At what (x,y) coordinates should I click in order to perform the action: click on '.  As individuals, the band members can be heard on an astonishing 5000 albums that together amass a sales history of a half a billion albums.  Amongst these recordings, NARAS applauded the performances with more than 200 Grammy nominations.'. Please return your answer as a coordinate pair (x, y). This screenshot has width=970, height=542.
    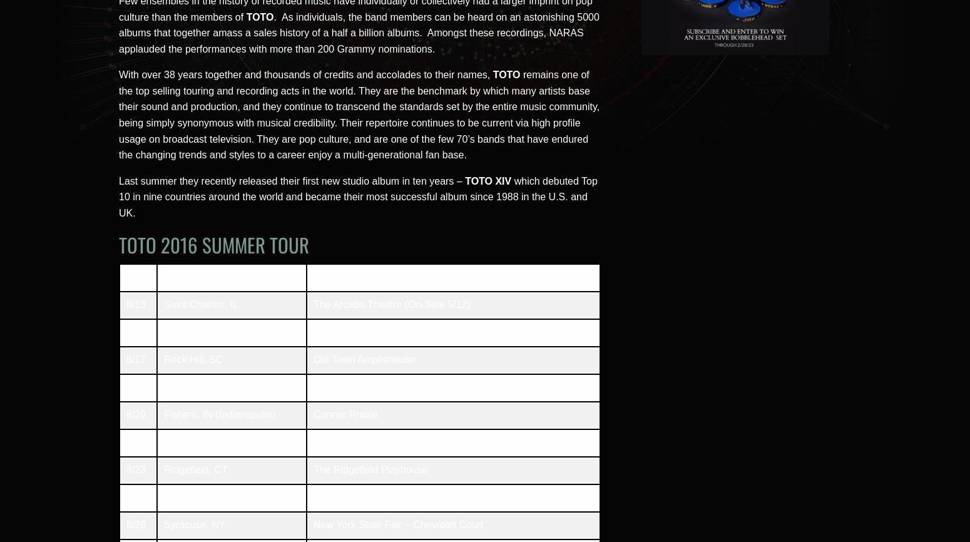
    Looking at the image, I should click on (118, 32).